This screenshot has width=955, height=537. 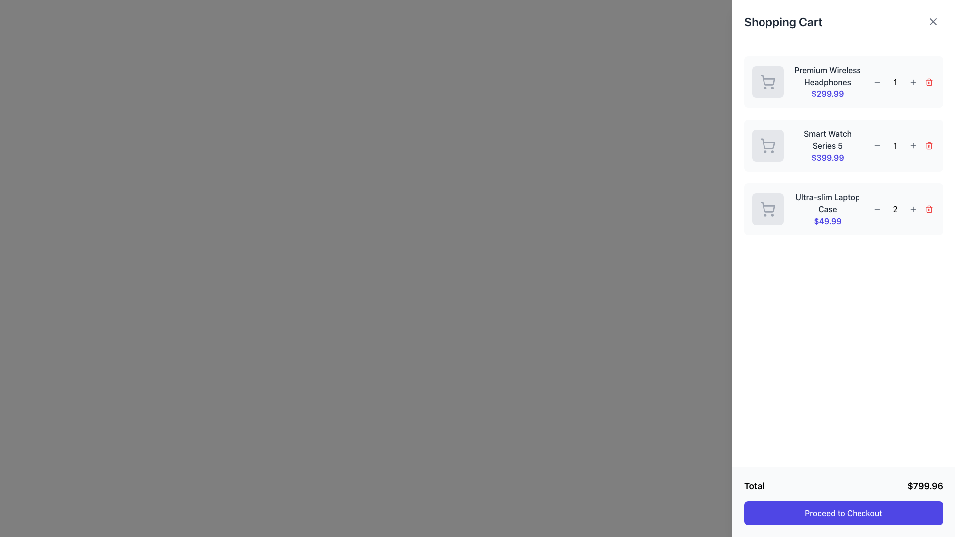 I want to click on the plus sign button in the shopping cart interface next to the 'Ultra-slim Laptop Case' item, so click(x=913, y=82).